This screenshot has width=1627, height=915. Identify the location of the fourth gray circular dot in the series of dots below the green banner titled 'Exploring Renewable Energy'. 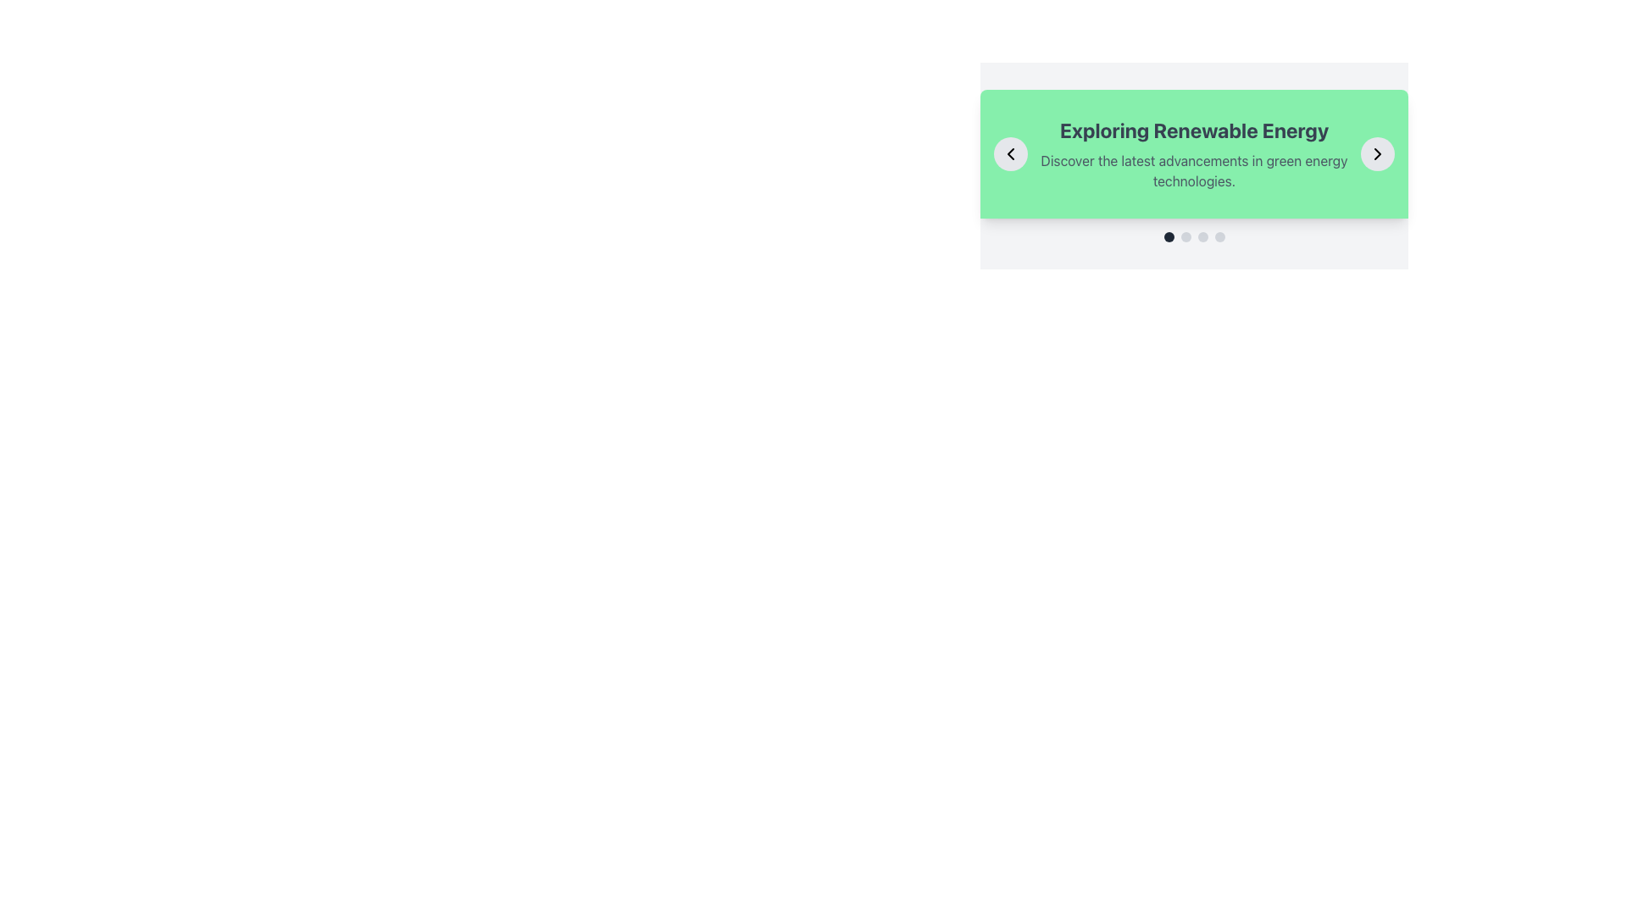
(1219, 237).